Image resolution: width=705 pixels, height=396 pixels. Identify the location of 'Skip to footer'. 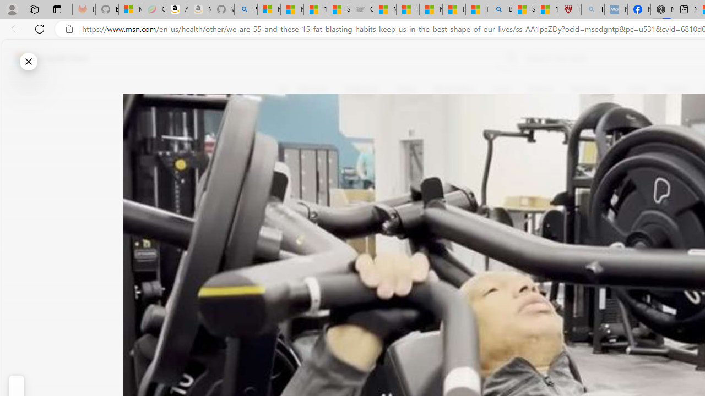
(45, 58).